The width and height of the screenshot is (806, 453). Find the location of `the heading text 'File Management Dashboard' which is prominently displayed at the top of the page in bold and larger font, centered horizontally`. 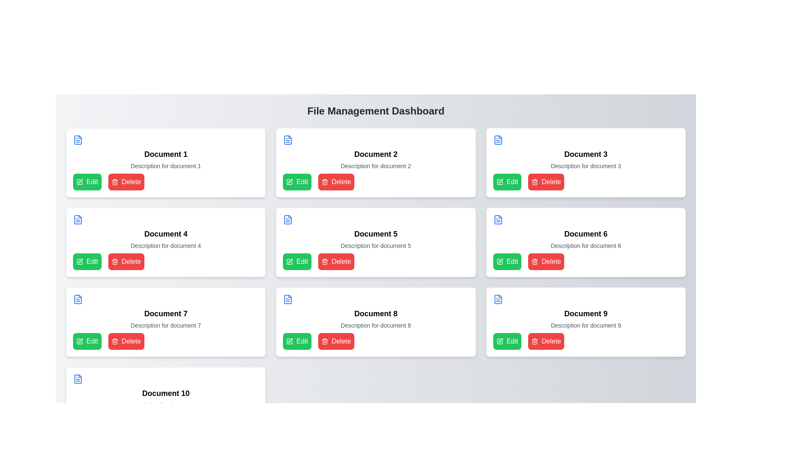

the heading text 'File Management Dashboard' which is prominently displayed at the top of the page in bold and larger font, centered horizontally is located at coordinates (375, 111).